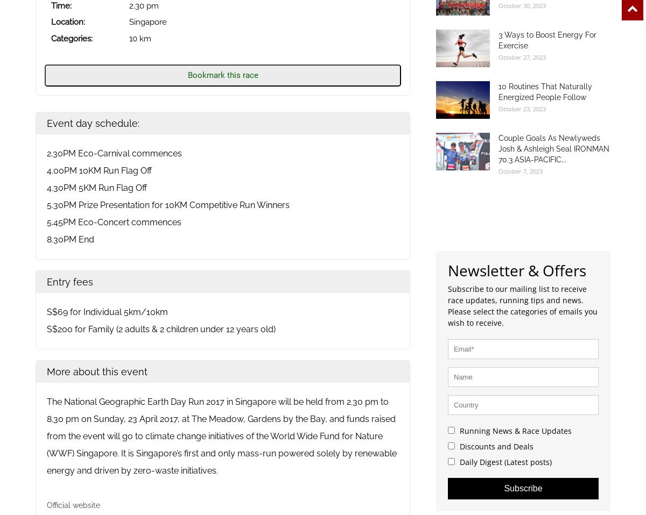 The image size is (646, 515). I want to click on '2.30PM     Eco-Carnival commences', so click(114, 153).